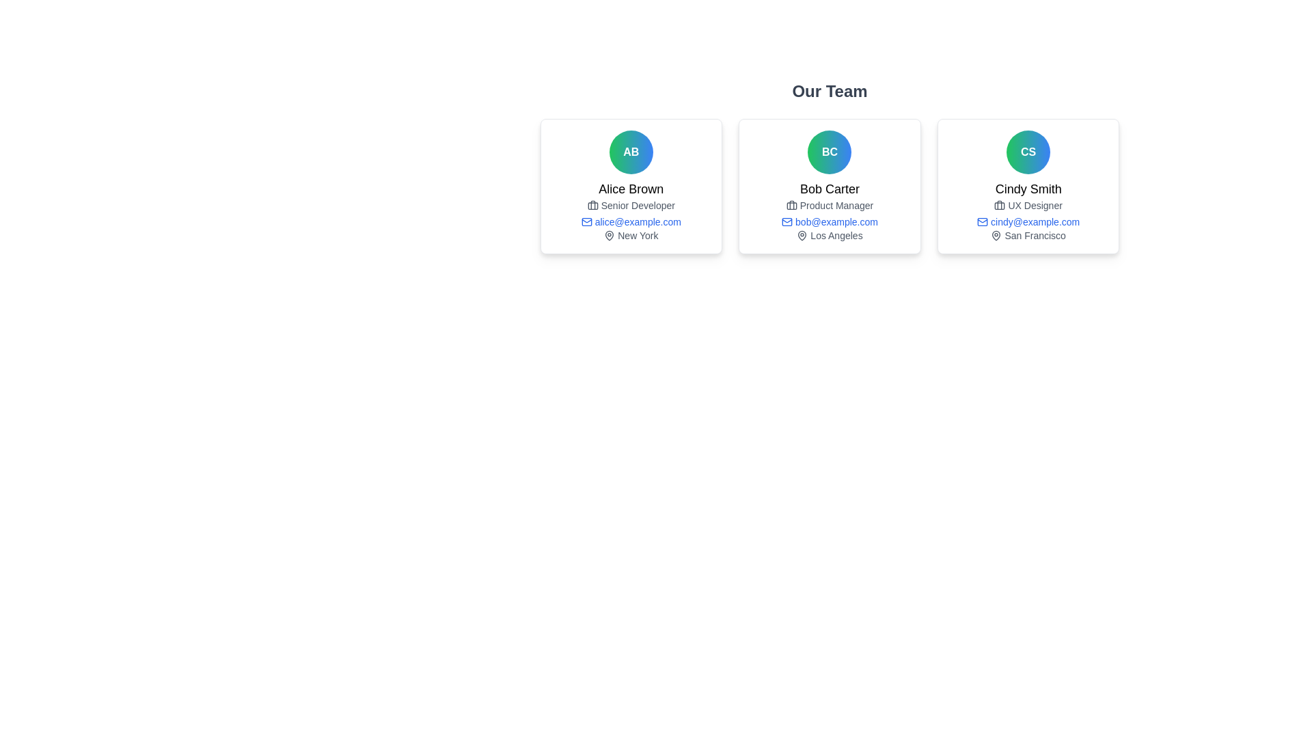 The image size is (1312, 738). Describe the element at coordinates (1028, 189) in the screenshot. I see `displayed text 'Cindy Smith' from the text label that is bold and larger, centrally positioned within the card for Cindy Smith, located below the circular avatar and above the job title 'UX Designer'` at that location.